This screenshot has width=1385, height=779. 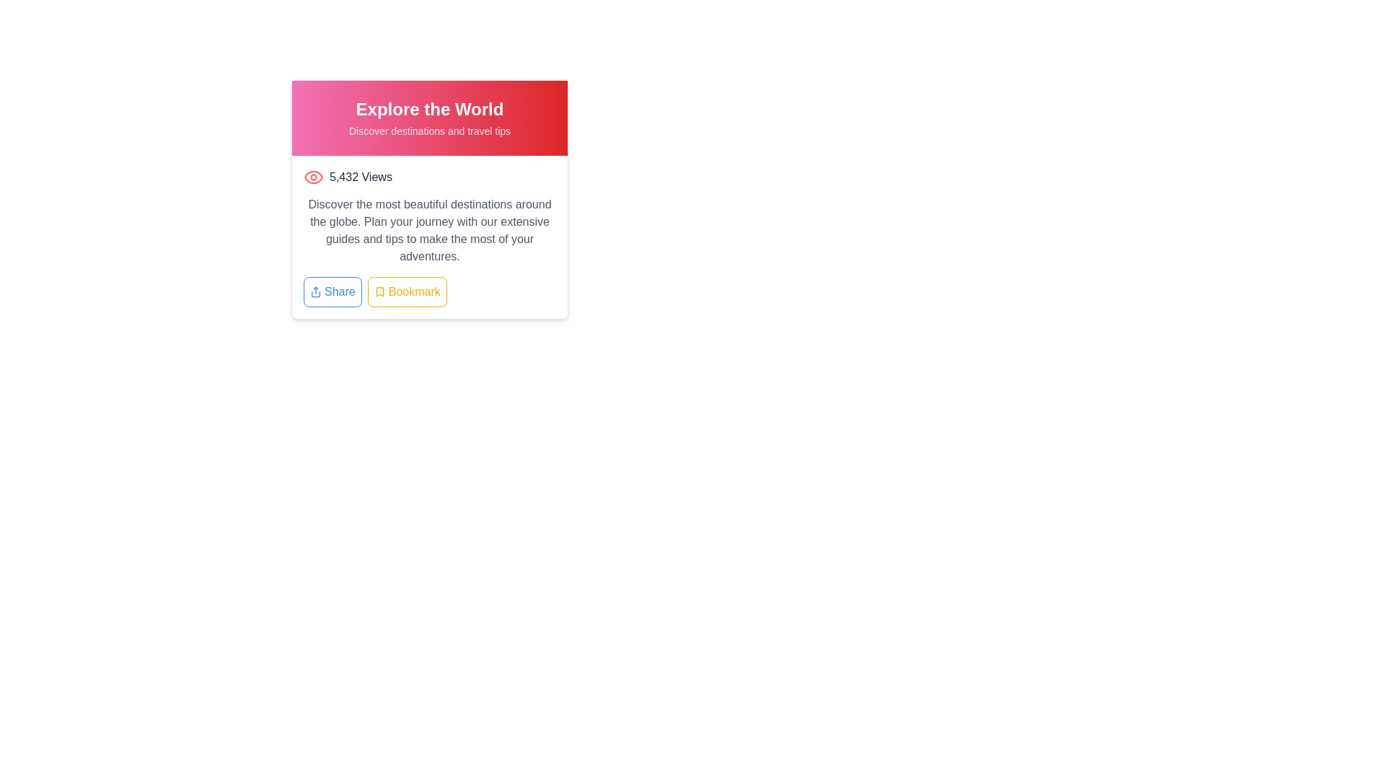 What do you see at coordinates (379, 292) in the screenshot?
I see `the small bookmark-shaped icon with a yellow border located next to the 'Bookmark' text, which is part of the button in the bottom right area of the card component` at bounding box center [379, 292].